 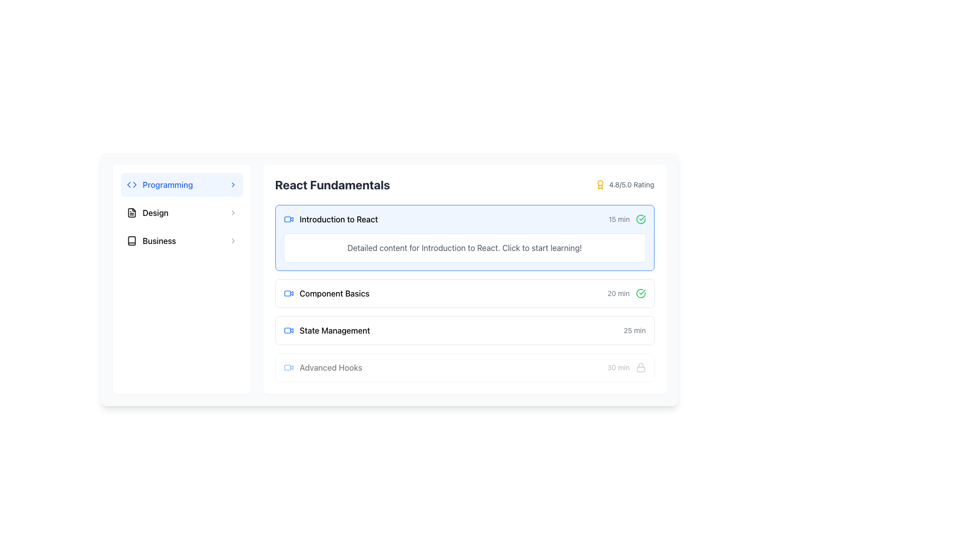 I want to click on the SVG icon indicating the 'Business' option, which is located on the far-right of the option row, serving as a visual cue for navigation, so click(x=232, y=241).